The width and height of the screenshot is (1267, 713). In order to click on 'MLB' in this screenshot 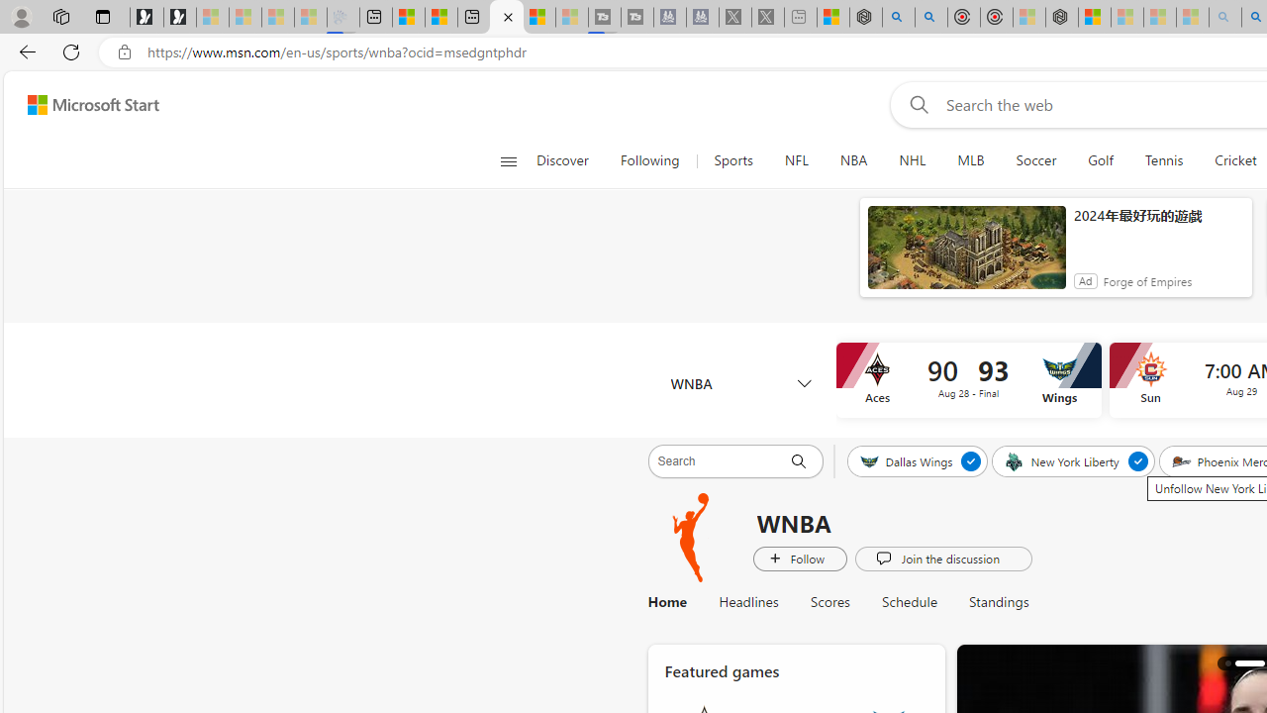, I will do `click(971, 160)`.